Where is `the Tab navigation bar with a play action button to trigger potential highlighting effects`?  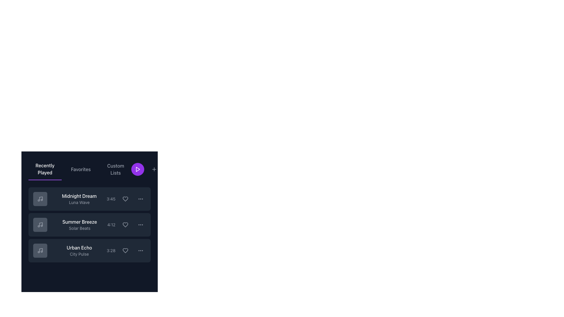 the Tab navigation bar with a play action button to trigger potential highlighting effects is located at coordinates (89, 169).